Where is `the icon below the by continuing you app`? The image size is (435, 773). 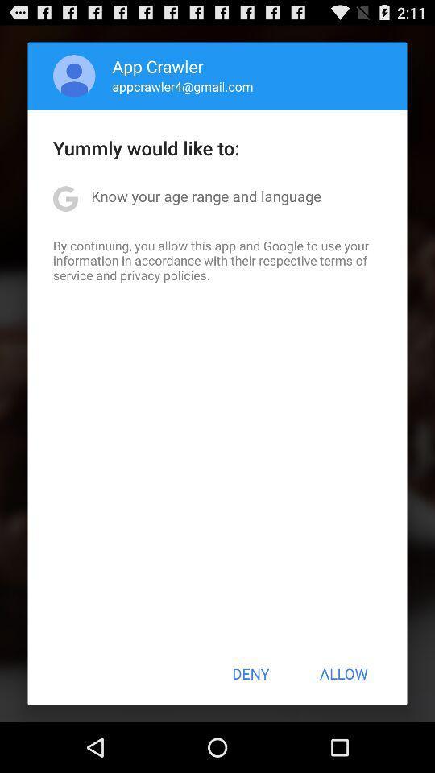
the icon below the by continuing you app is located at coordinates (251, 673).